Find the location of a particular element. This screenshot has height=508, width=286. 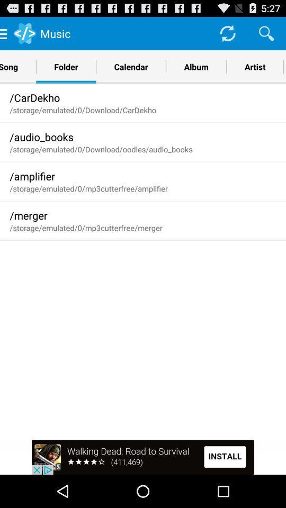

the refresh icon is located at coordinates (227, 35).